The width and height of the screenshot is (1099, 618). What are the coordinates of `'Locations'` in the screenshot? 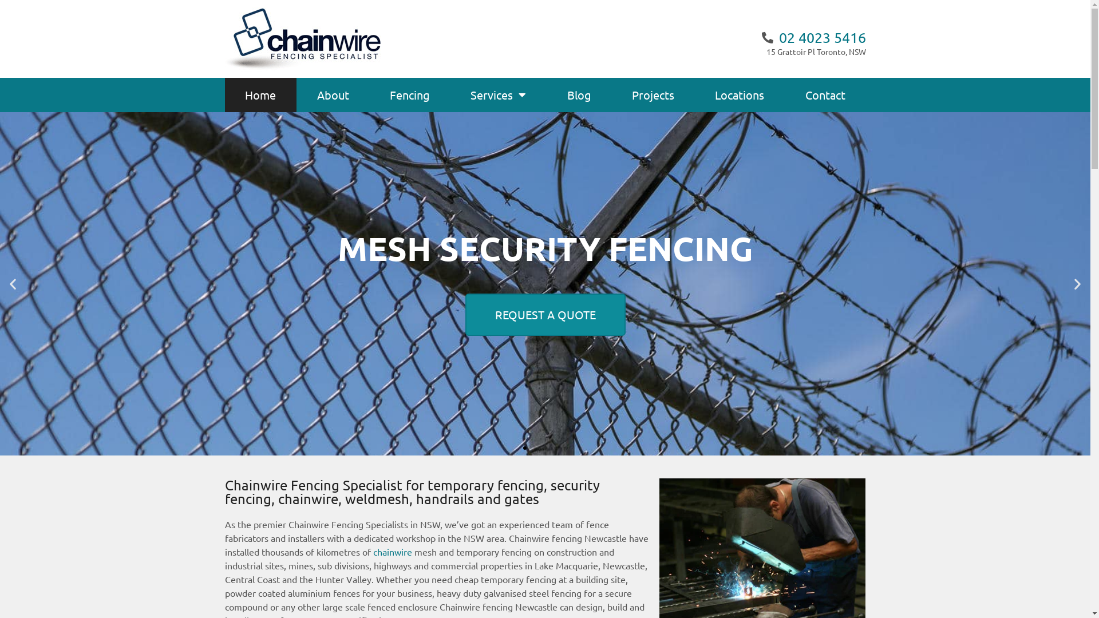 It's located at (740, 94).